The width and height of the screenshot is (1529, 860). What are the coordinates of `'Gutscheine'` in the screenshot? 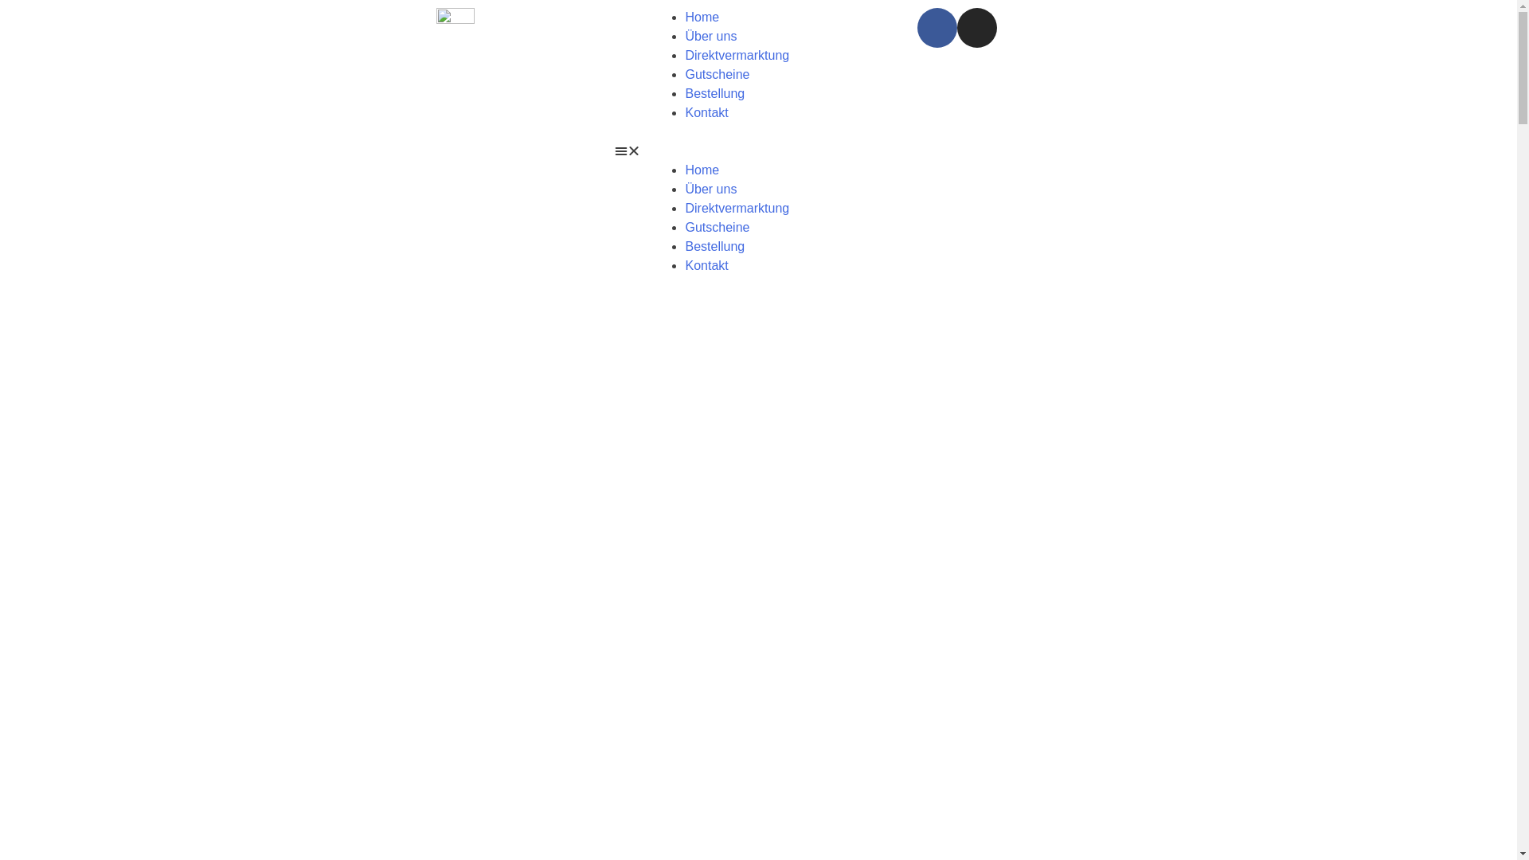 It's located at (684, 227).